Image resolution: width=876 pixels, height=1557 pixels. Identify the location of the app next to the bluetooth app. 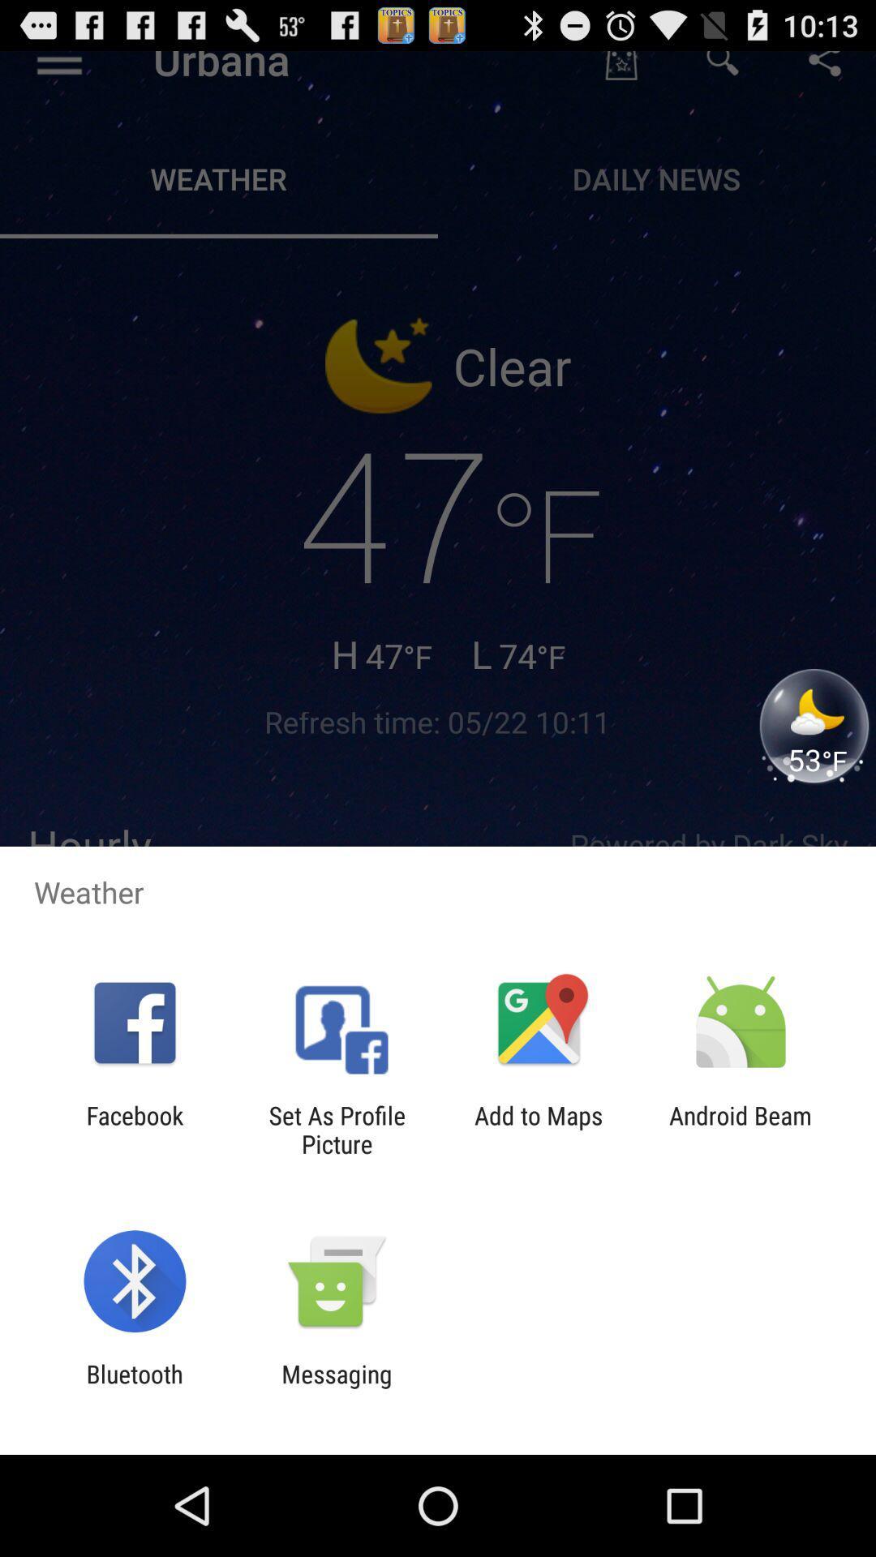
(336, 1388).